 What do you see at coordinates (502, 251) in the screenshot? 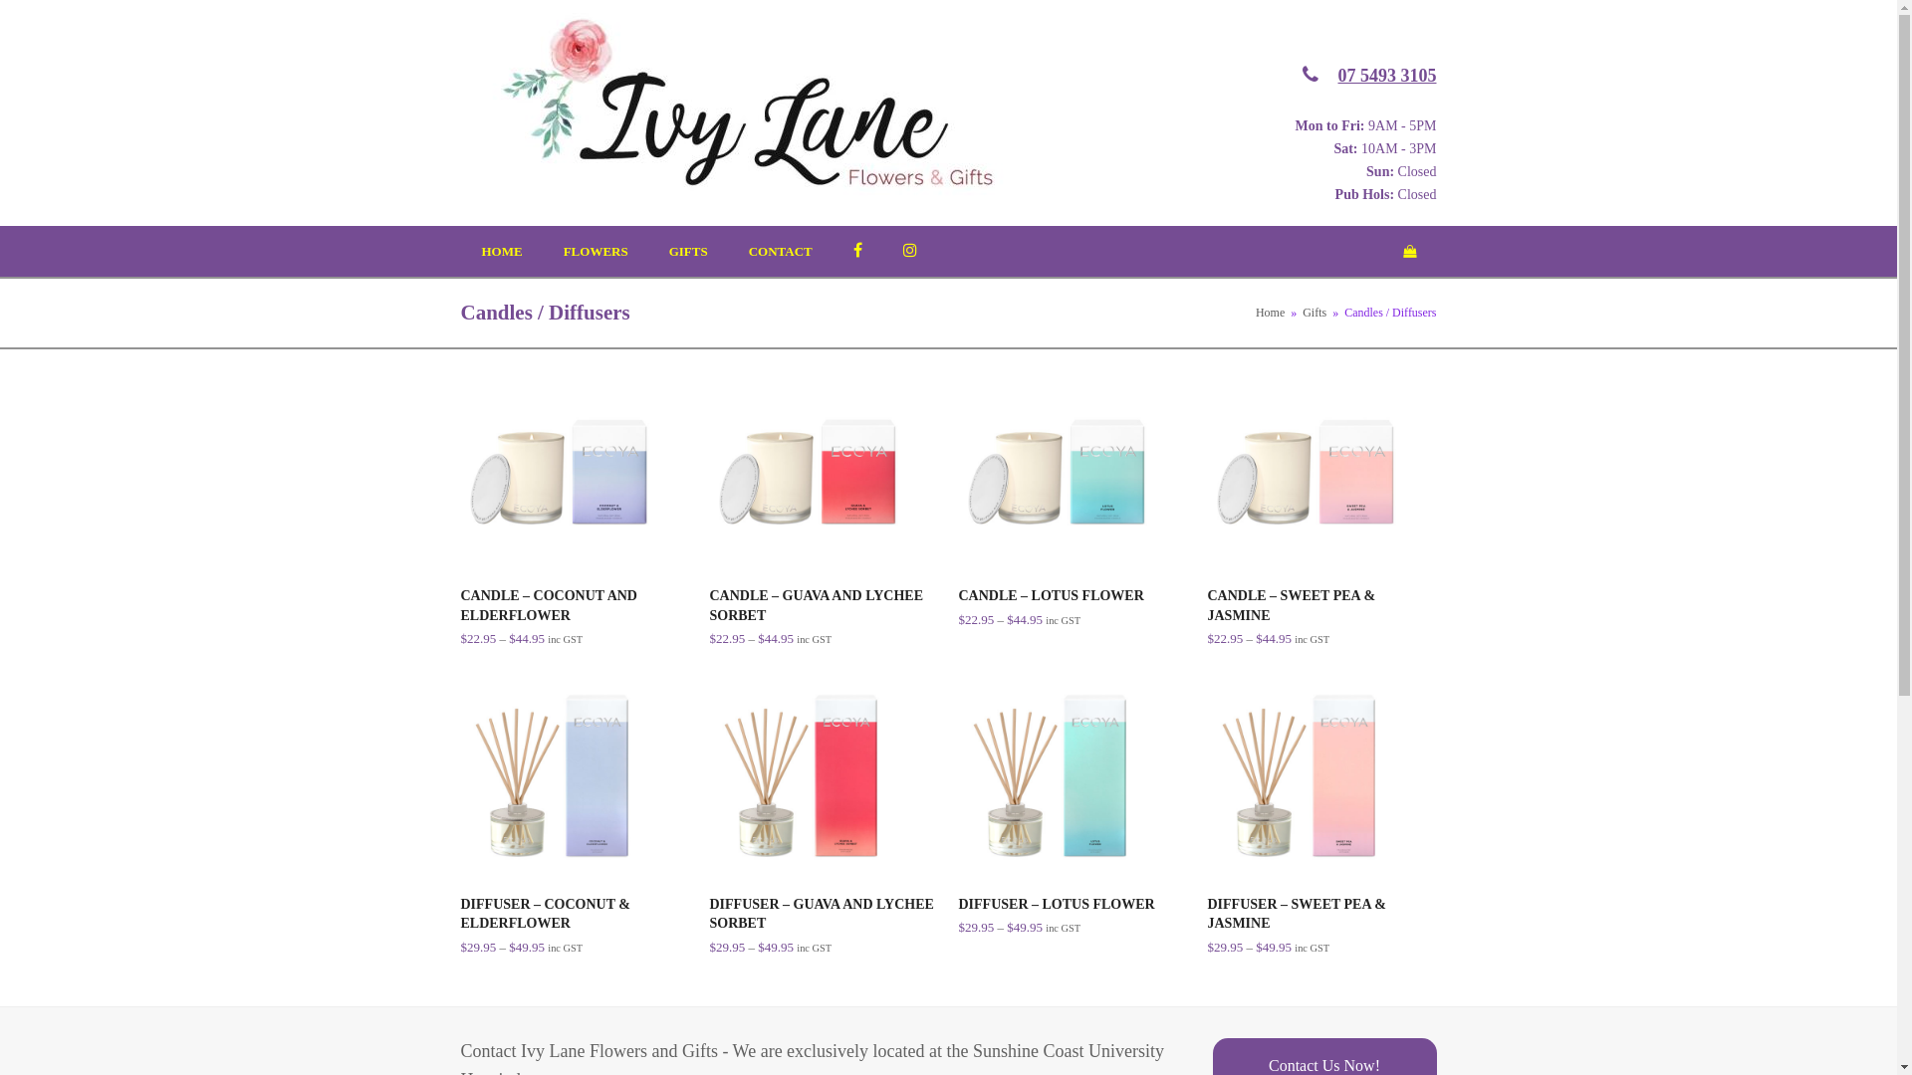
I see `'HOME'` at bounding box center [502, 251].